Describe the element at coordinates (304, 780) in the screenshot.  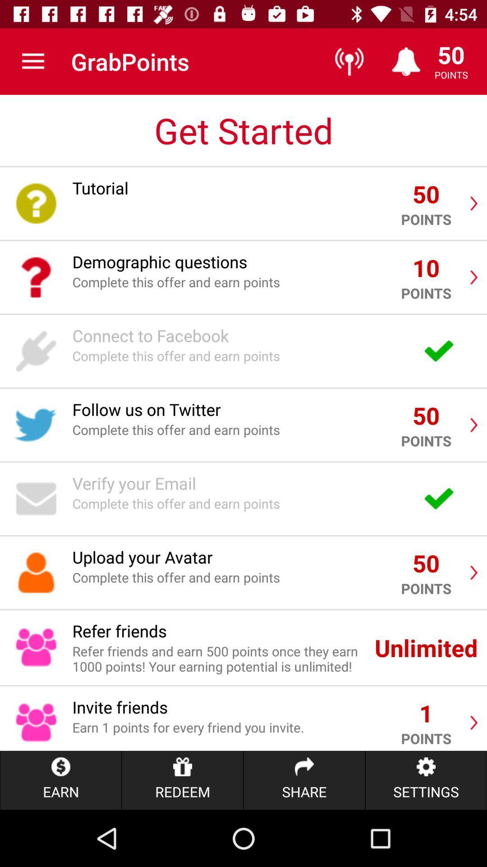
I see `item next to the settings` at that location.